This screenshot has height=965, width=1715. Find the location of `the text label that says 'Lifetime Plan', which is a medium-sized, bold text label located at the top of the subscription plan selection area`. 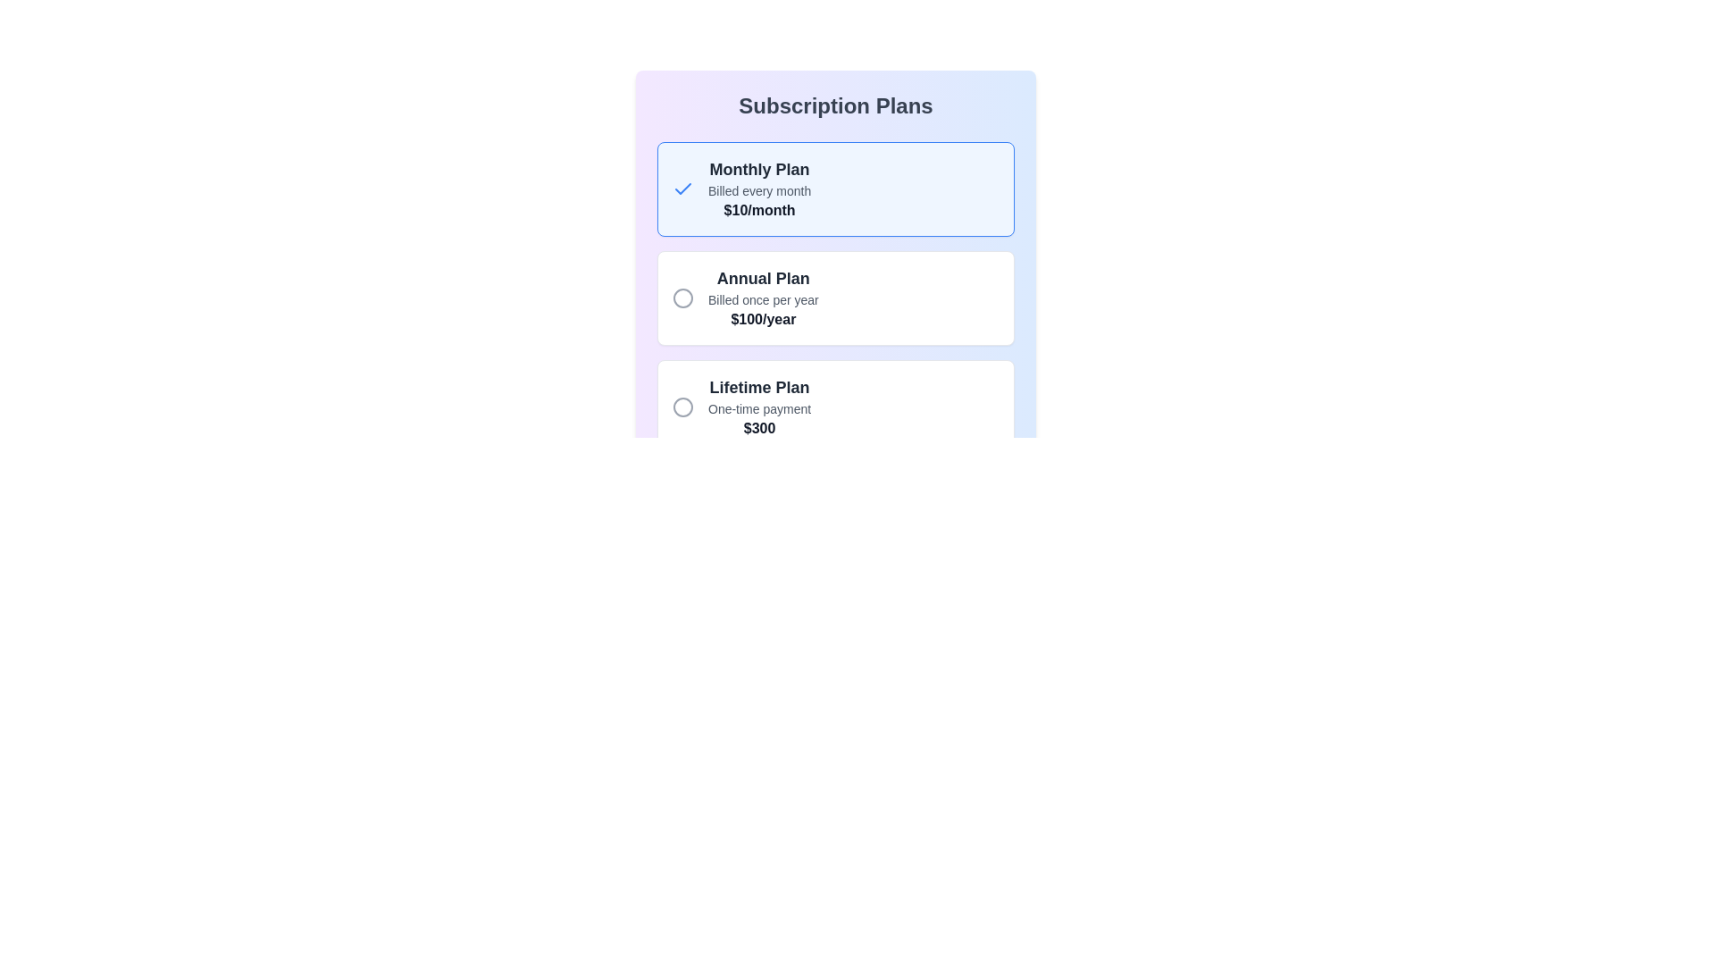

the text label that says 'Lifetime Plan', which is a medium-sized, bold text label located at the top of the subscription plan selection area is located at coordinates (759, 387).